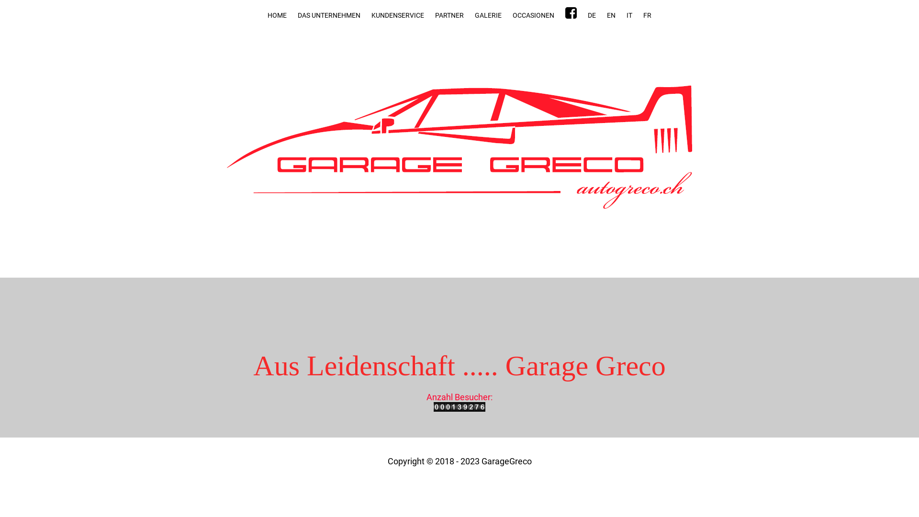  I want to click on 'Anzahl Besucher:', so click(459, 403).